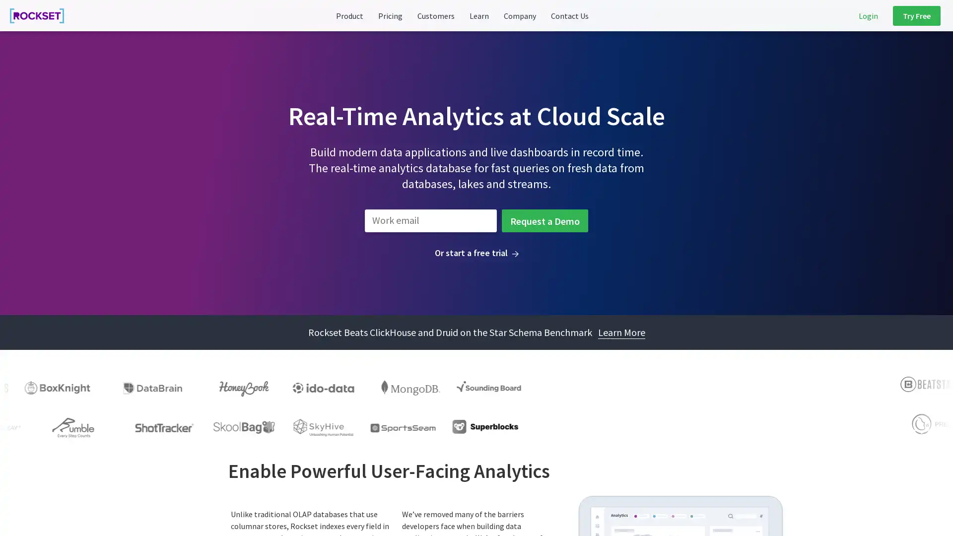 The height and width of the screenshot is (536, 953). What do you see at coordinates (936, 516) in the screenshot?
I see `Close` at bounding box center [936, 516].